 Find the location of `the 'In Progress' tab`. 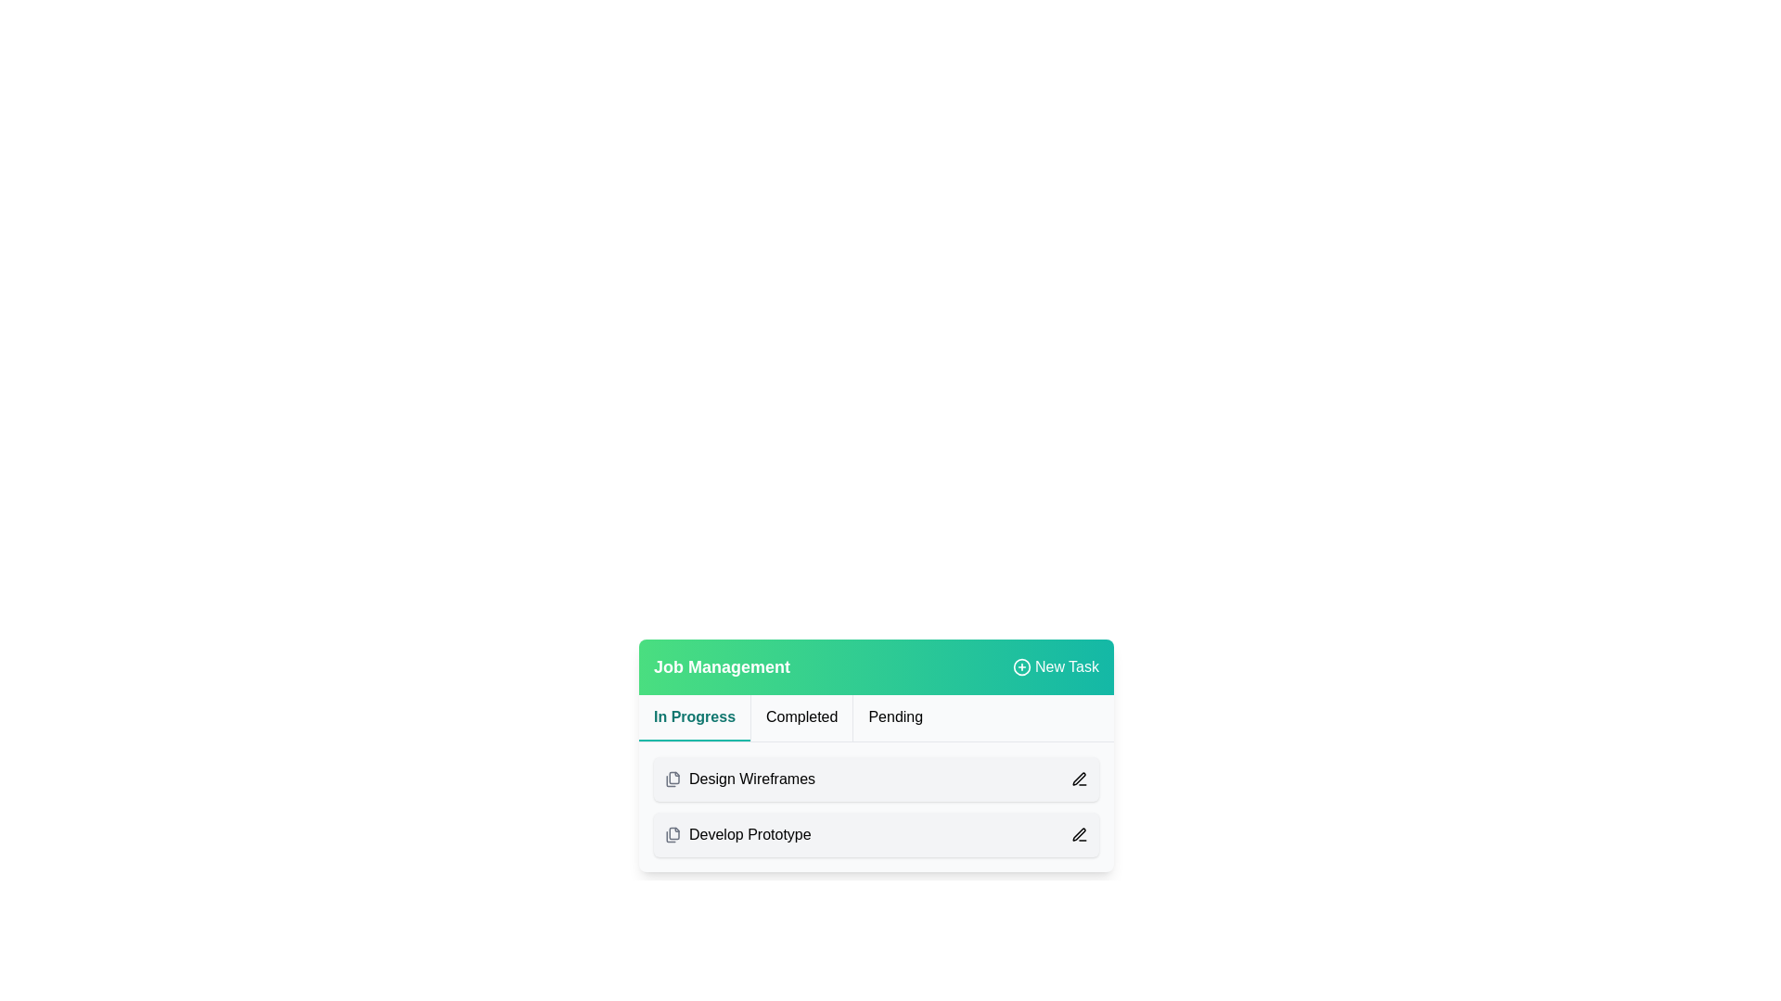

the 'In Progress' tab is located at coordinates (693, 717).